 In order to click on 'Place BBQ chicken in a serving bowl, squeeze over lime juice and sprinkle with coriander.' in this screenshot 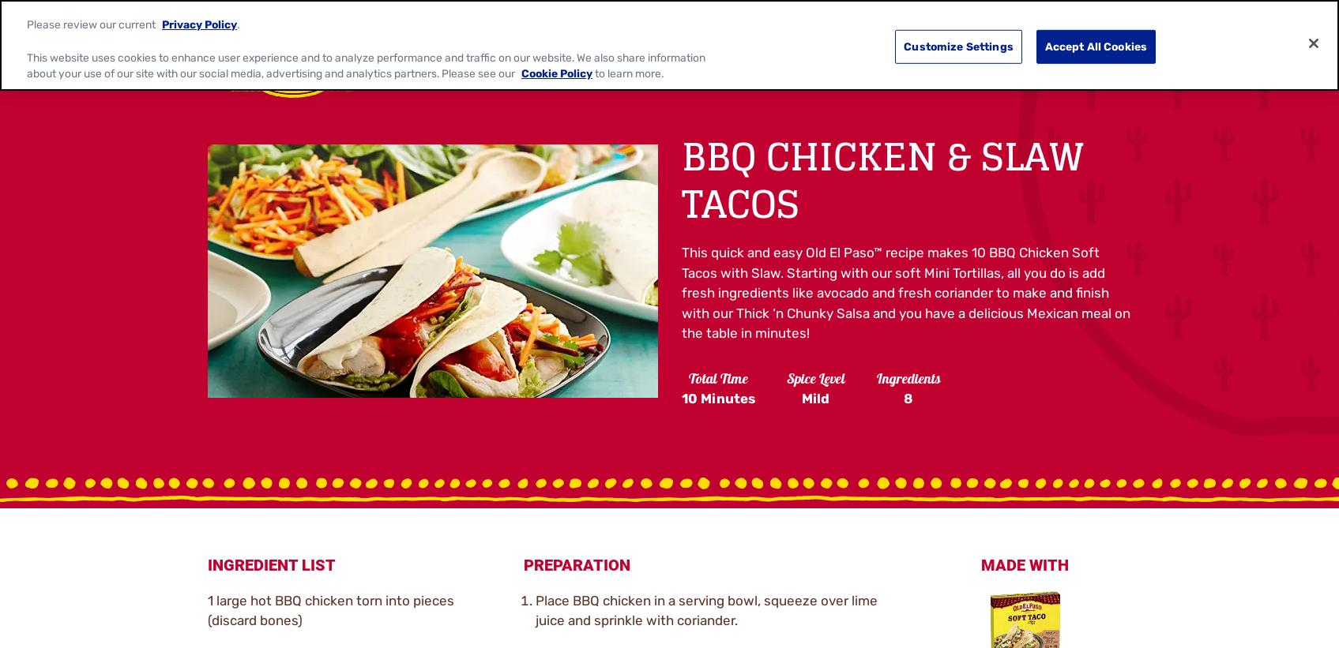, I will do `click(705, 609)`.